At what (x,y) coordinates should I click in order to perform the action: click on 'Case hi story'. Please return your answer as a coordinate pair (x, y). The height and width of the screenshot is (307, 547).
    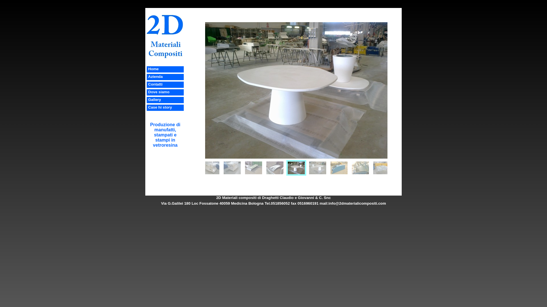
    Looking at the image, I should click on (160, 107).